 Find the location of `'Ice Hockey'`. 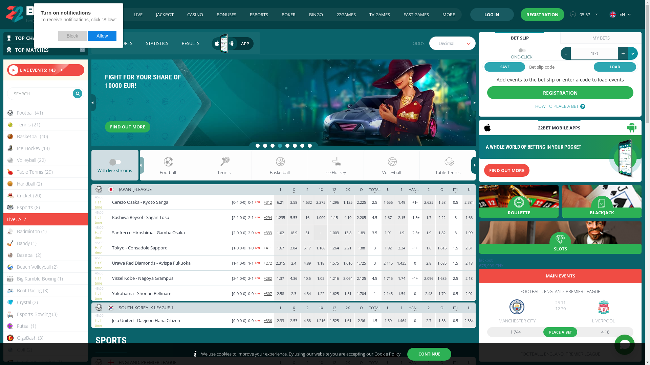

'Ice Hockey' is located at coordinates (335, 165).